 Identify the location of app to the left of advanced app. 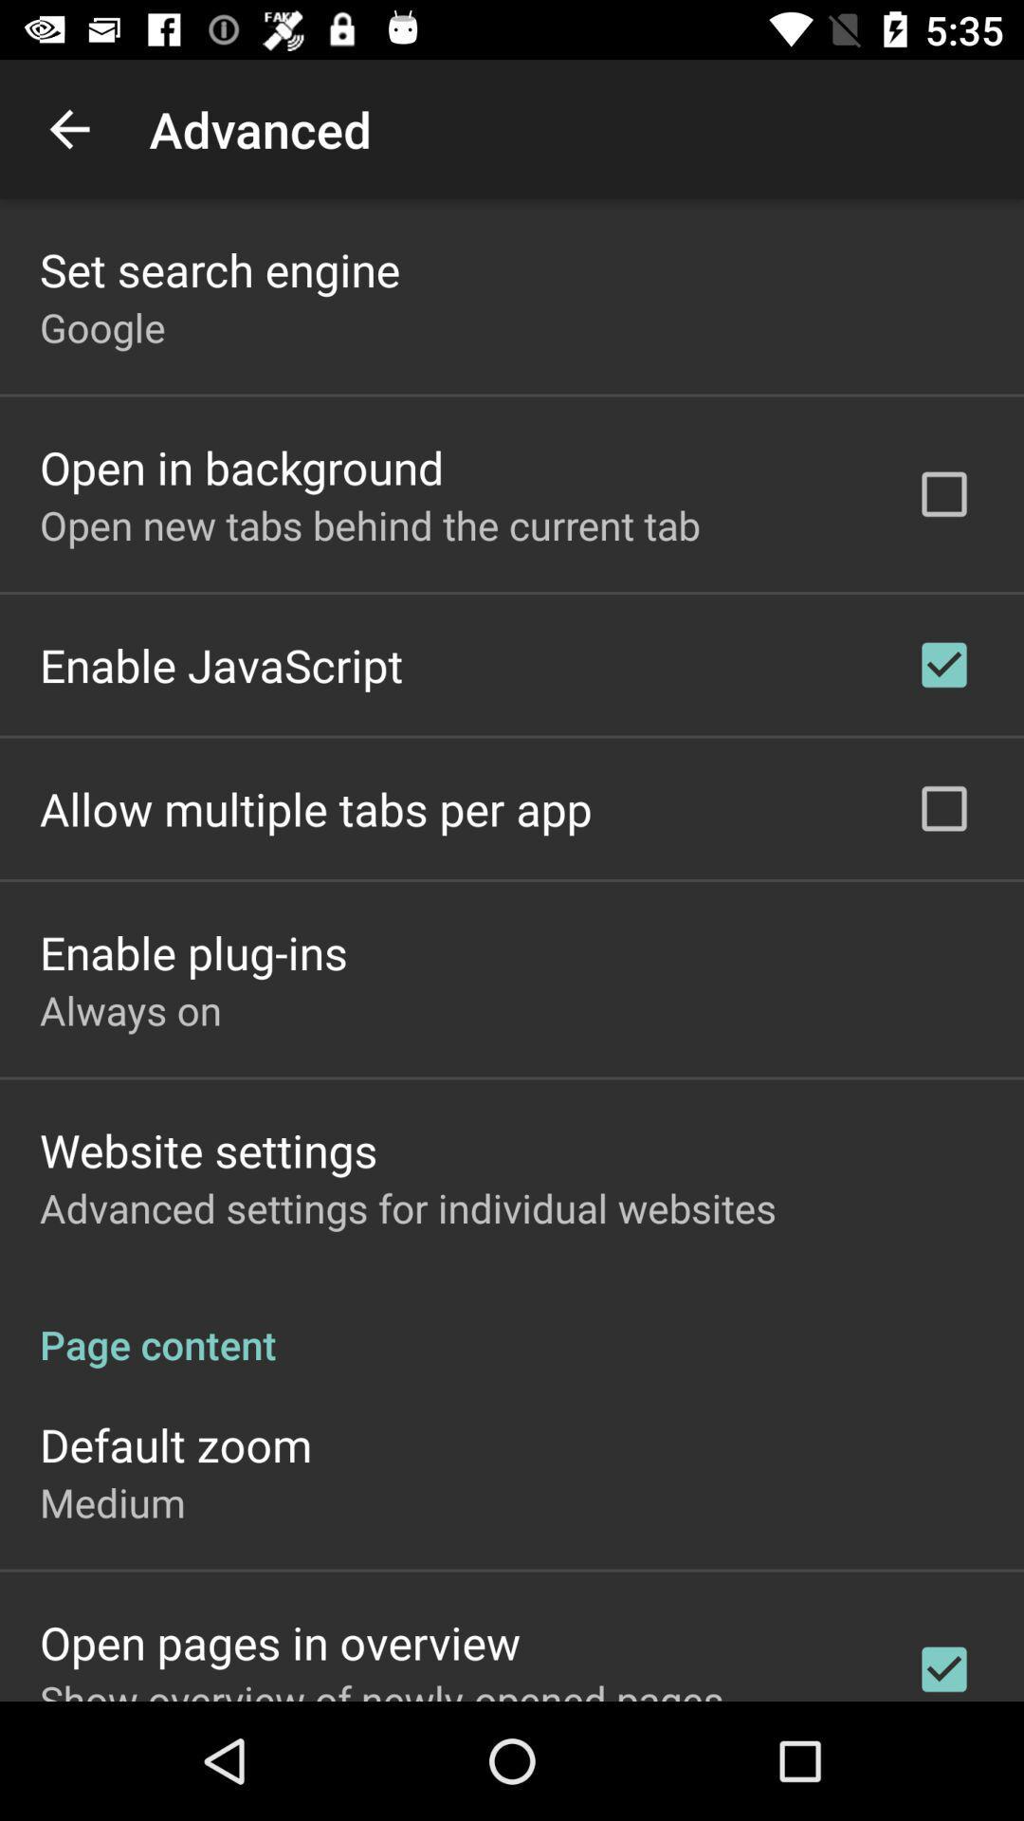
(68, 128).